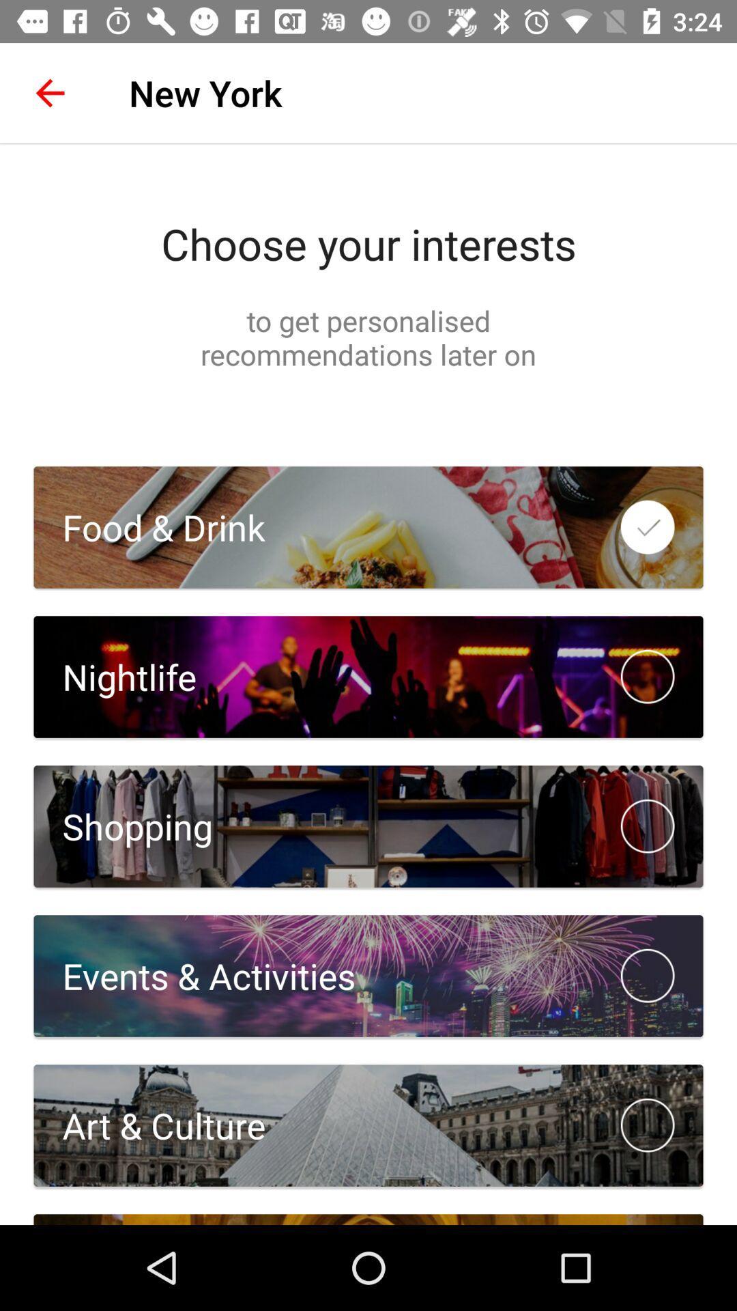  What do you see at coordinates (114, 677) in the screenshot?
I see `nightlife icon` at bounding box center [114, 677].